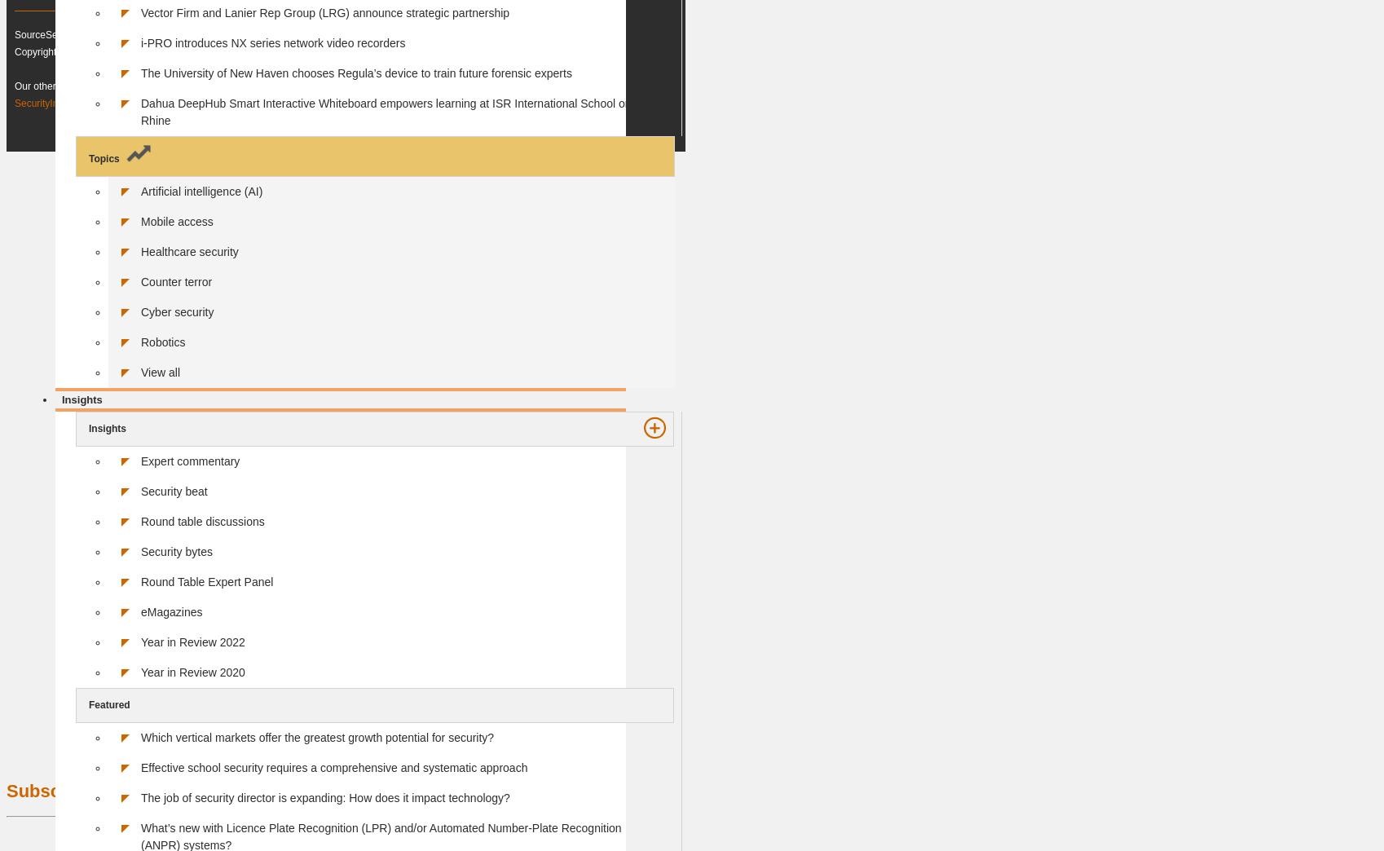 The height and width of the screenshot is (851, 1384). I want to click on 'View all', so click(160, 371).